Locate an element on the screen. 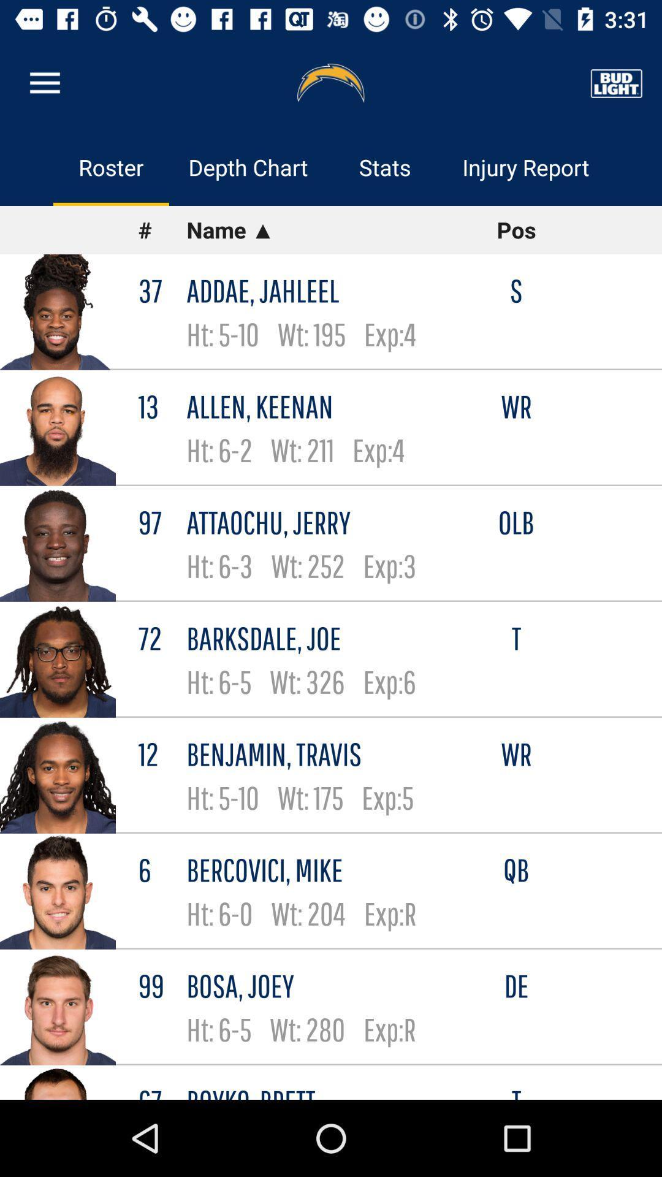 This screenshot has width=662, height=1177. the icon below the roster is located at coordinates (162, 230).